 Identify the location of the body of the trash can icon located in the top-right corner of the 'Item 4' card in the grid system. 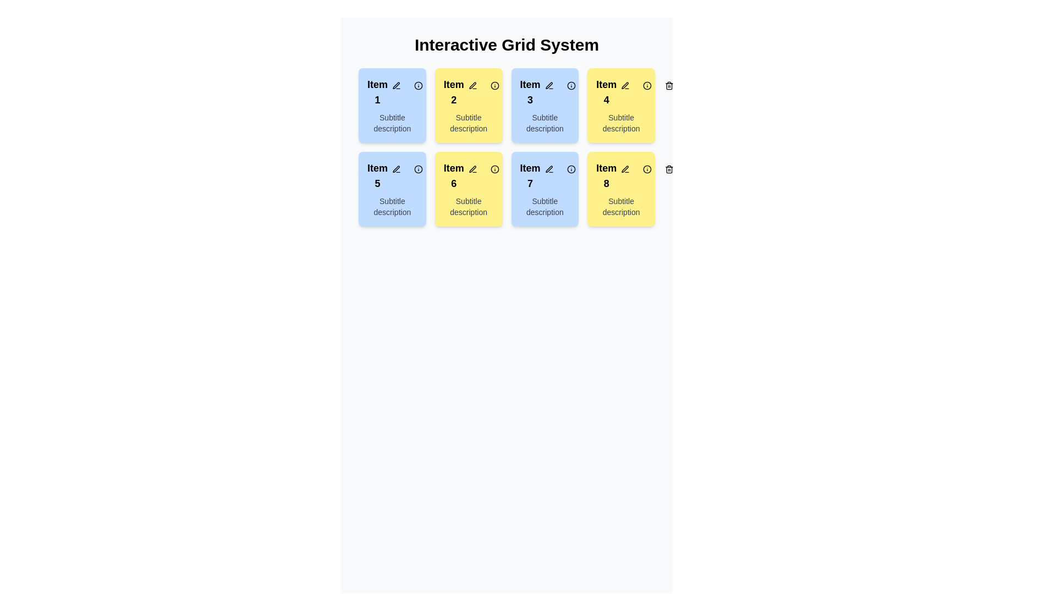
(592, 86).